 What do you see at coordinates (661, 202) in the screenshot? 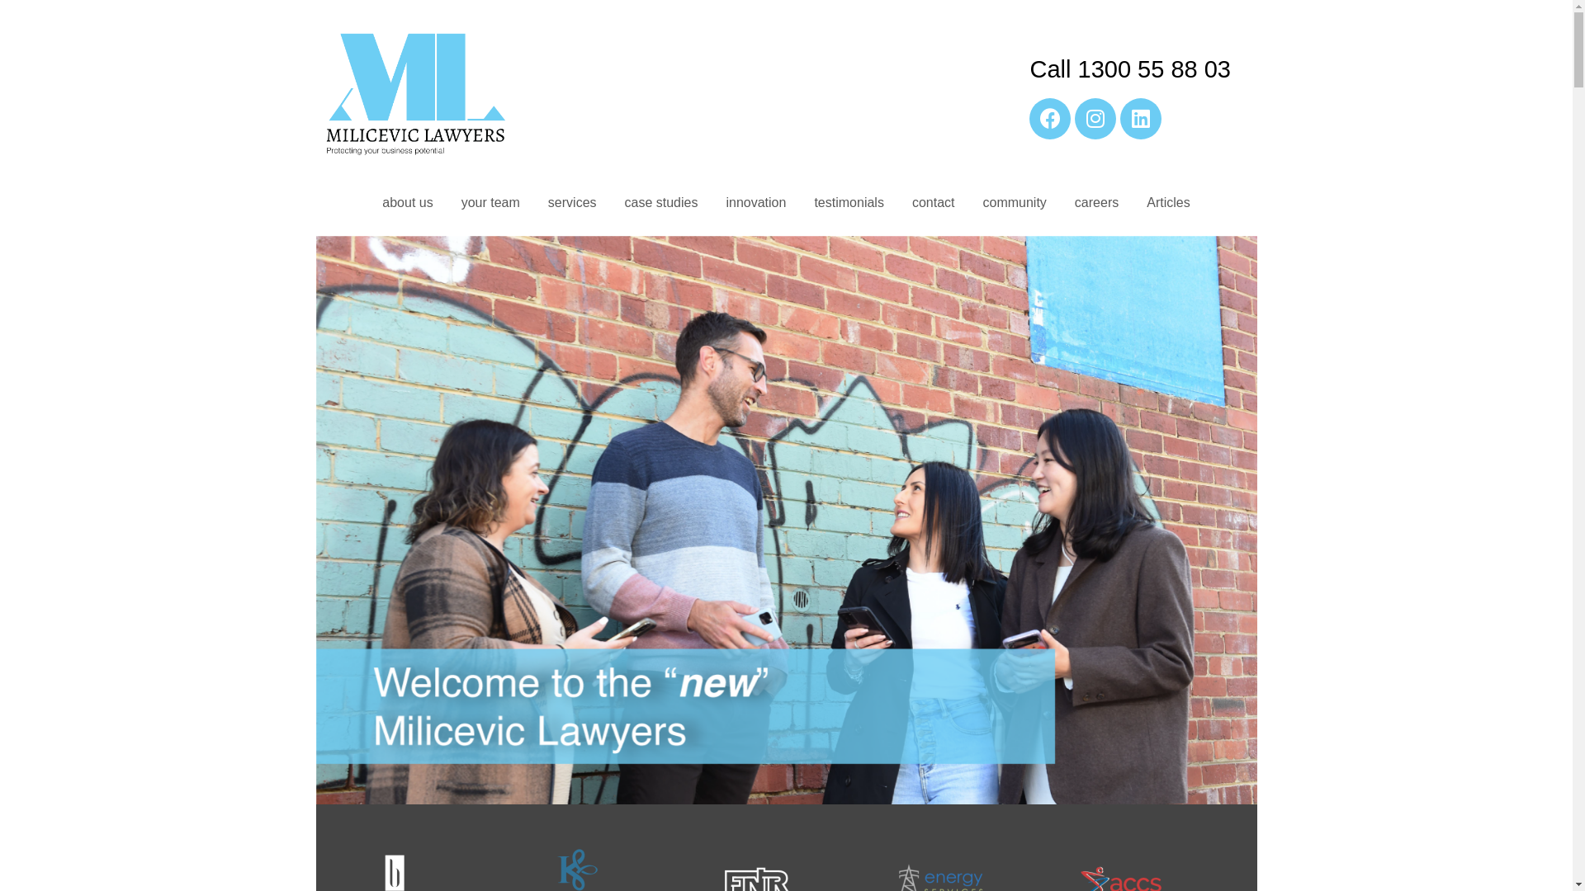
I see `'case studies'` at bounding box center [661, 202].